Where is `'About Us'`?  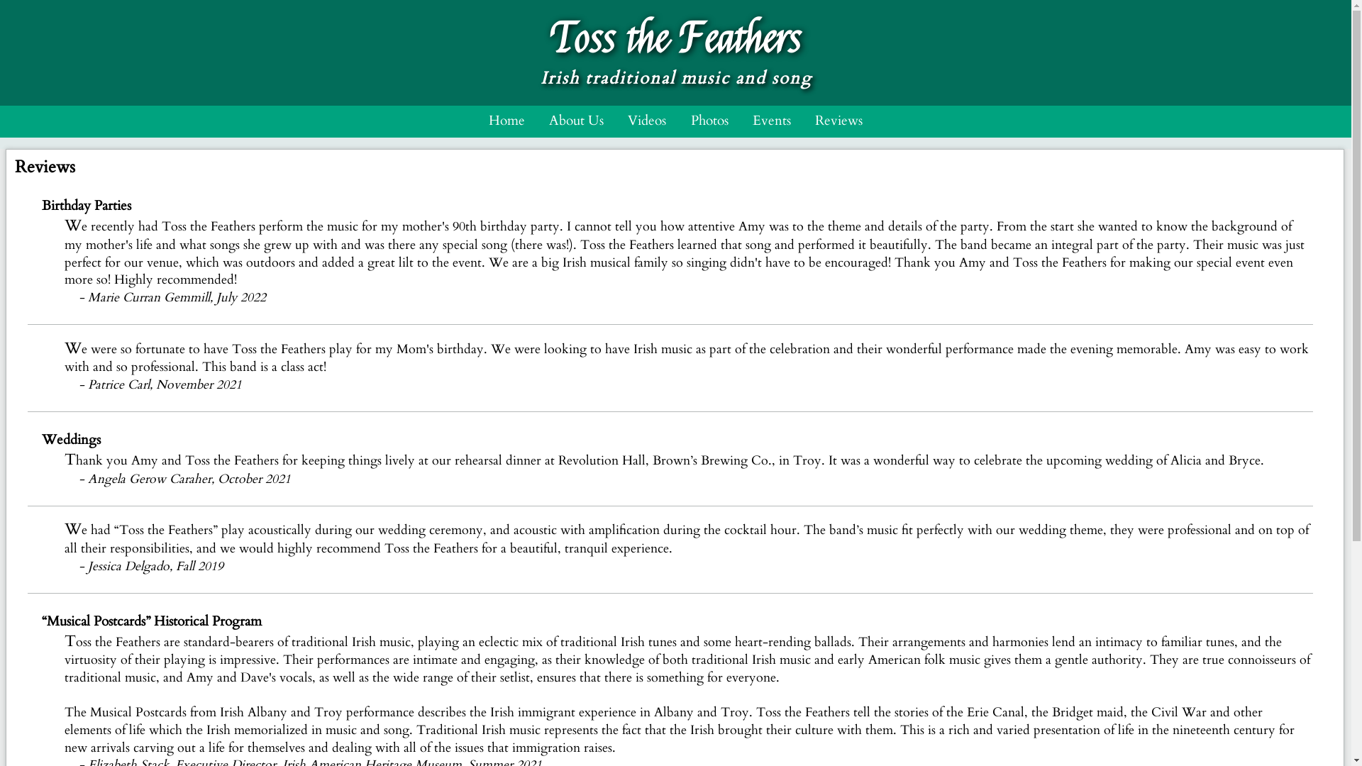 'About Us' is located at coordinates (576, 119).